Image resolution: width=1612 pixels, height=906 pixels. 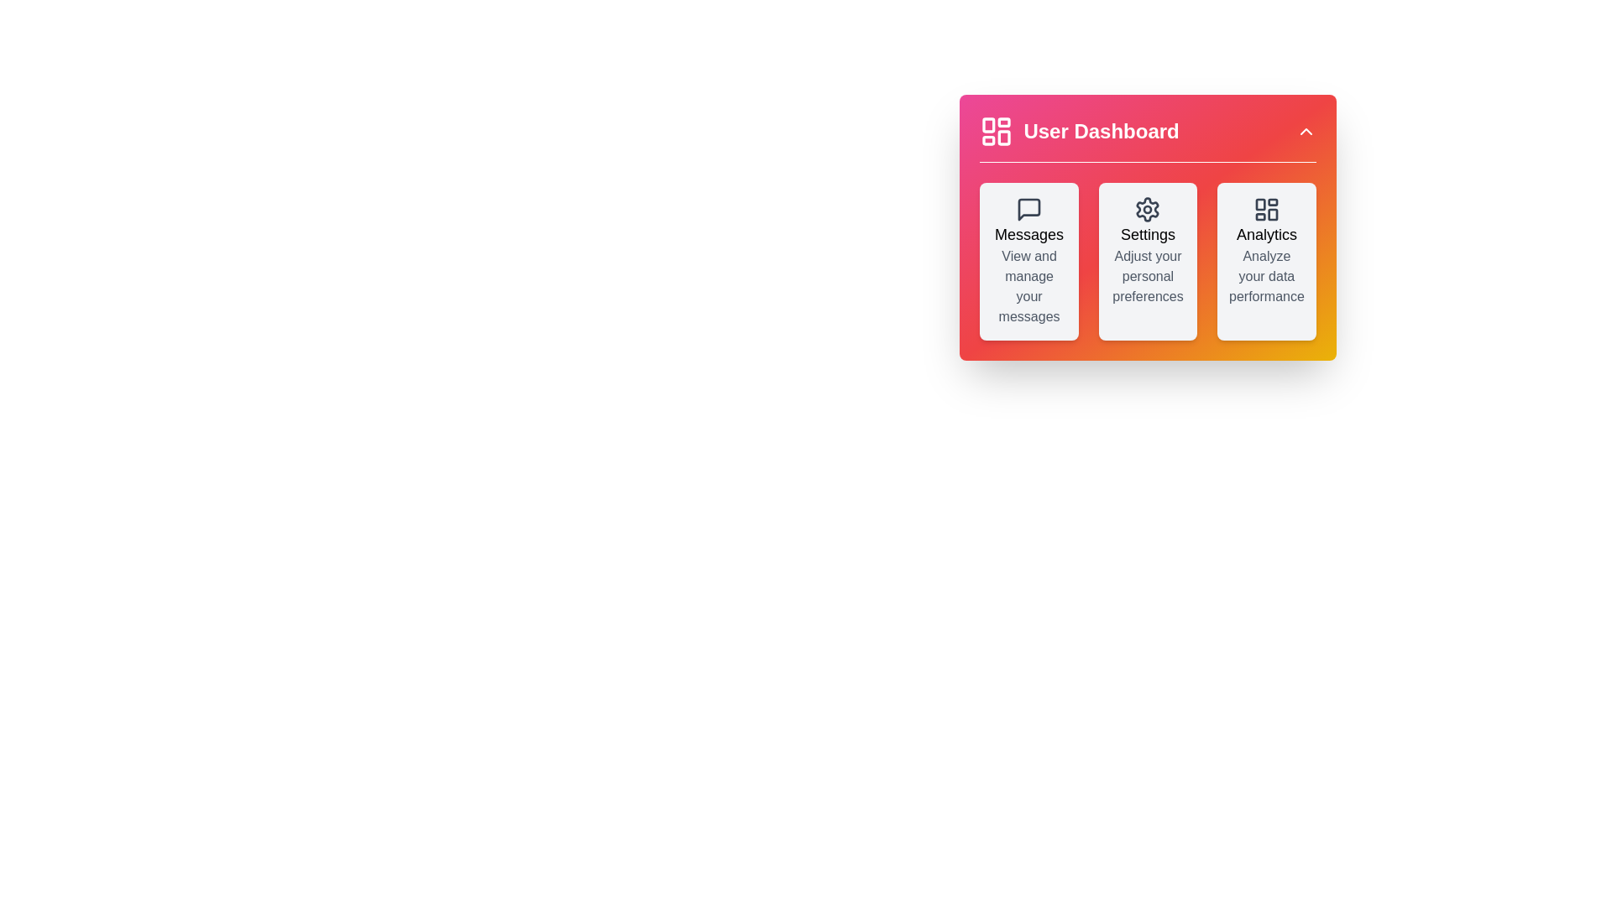 What do you see at coordinates (1028, 262) in the screenshot?
I see `the Action card labeled 'Messages' which has a light gray background and a speech bubble icon at the top` at bounding box center [1028, 262].